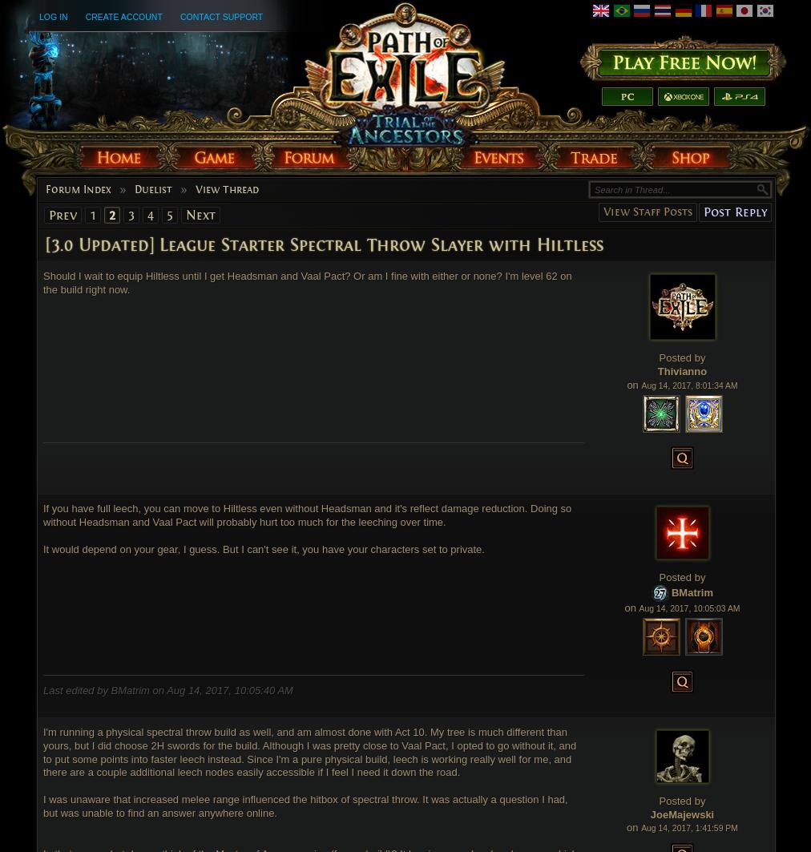 The image size is (811, 852). Describe the element at coordinates (307, 281) in the screenshot. I see `'Should I wait to equip Hiltless until I get Headsman and Vaal Pact?  Or am I fine with either or none?  I'm level 62 on the build right now.'` at that location.